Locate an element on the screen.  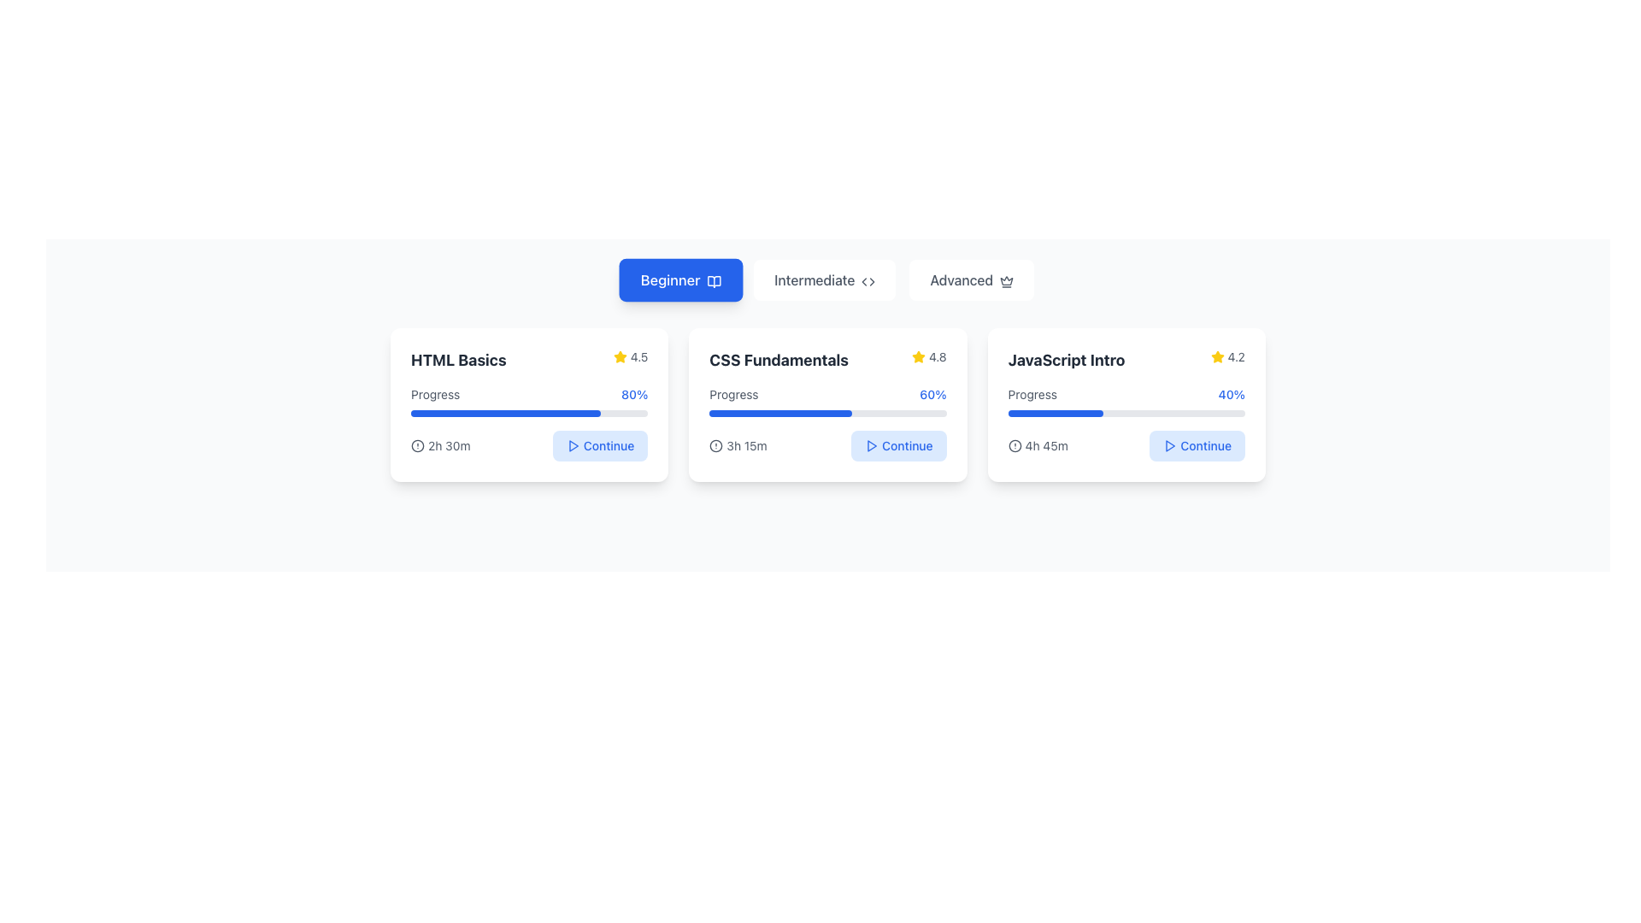
progress bar located within the middle card labeled 'CSS Fundamentals', which visually represents that 60% of the associated task has been completed, positioned below the 'Progress' label is located at coordinates (828, 413).